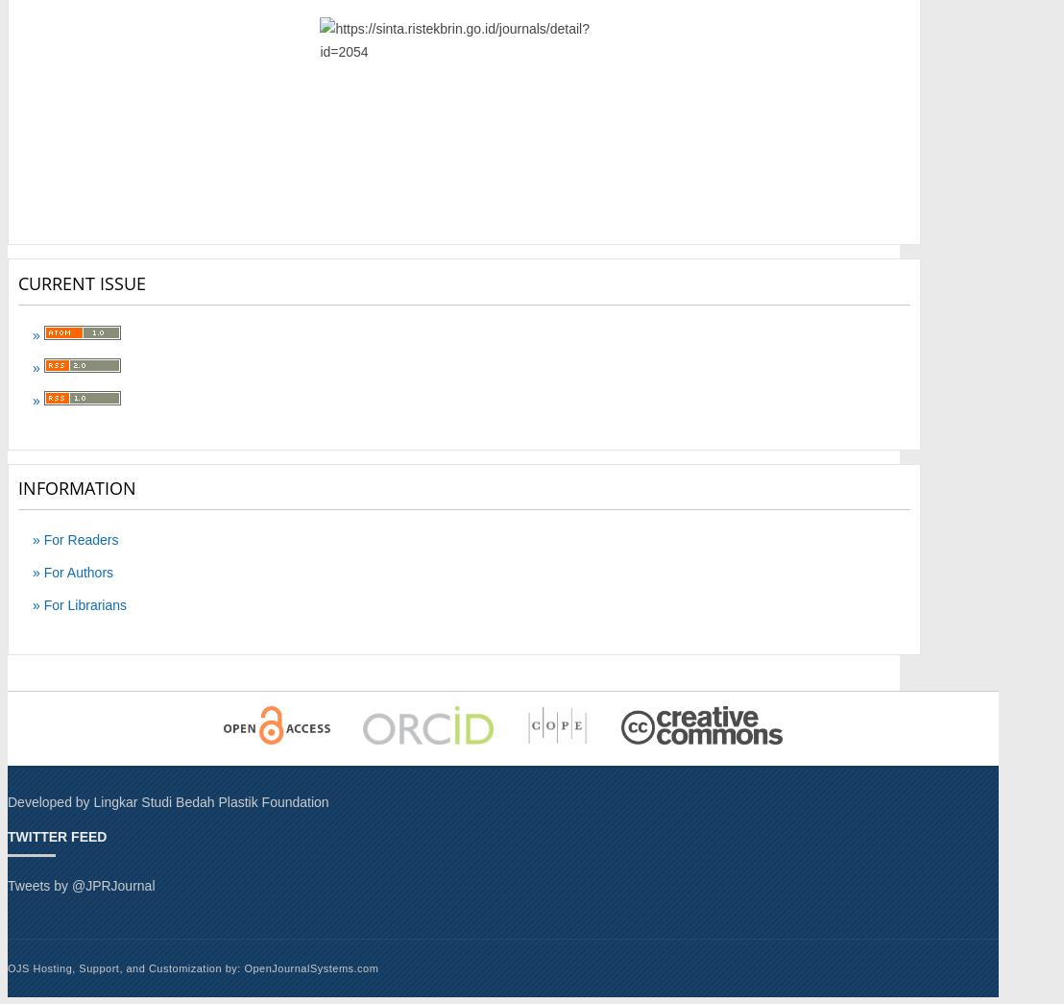 The width and height of the screenshot is (1064, 1004). What do you see at coordinates (168, 800) in the screenshot?
I see `'Developed by Lingkar Studi Bedah Plastik Foundation'` at bounding box center [168, 800].